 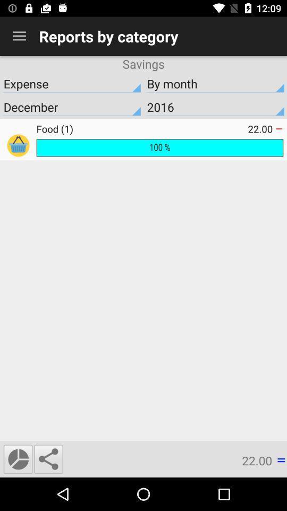 I want to click on the icon next to the reports by category item, so click(x=19, y=36).